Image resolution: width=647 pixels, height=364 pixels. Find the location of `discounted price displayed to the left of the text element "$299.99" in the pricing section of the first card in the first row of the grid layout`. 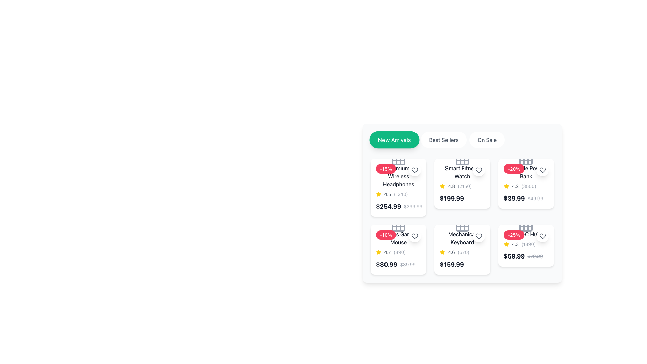

discounted price displayed to the left of the text element "$299.99" in the pricing section of the first card in the first row of the grid layout is located at coordinates (389, 206).